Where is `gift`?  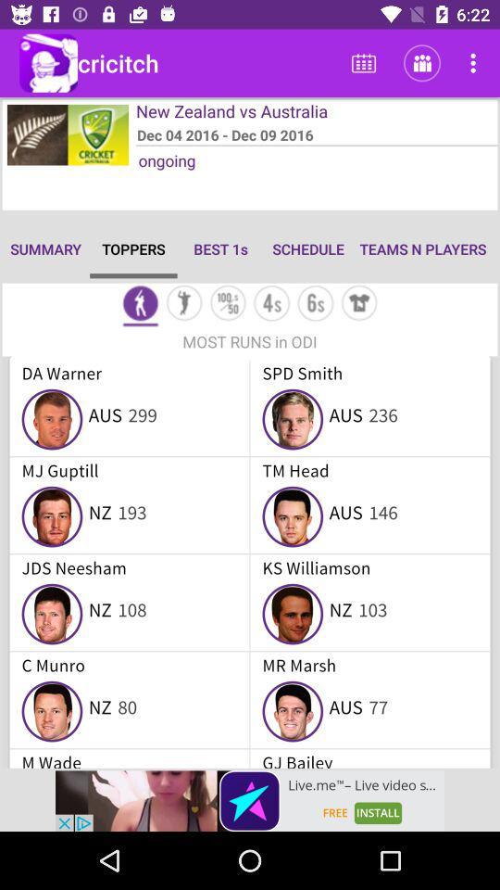
gift is located at coordinates (359, 305).